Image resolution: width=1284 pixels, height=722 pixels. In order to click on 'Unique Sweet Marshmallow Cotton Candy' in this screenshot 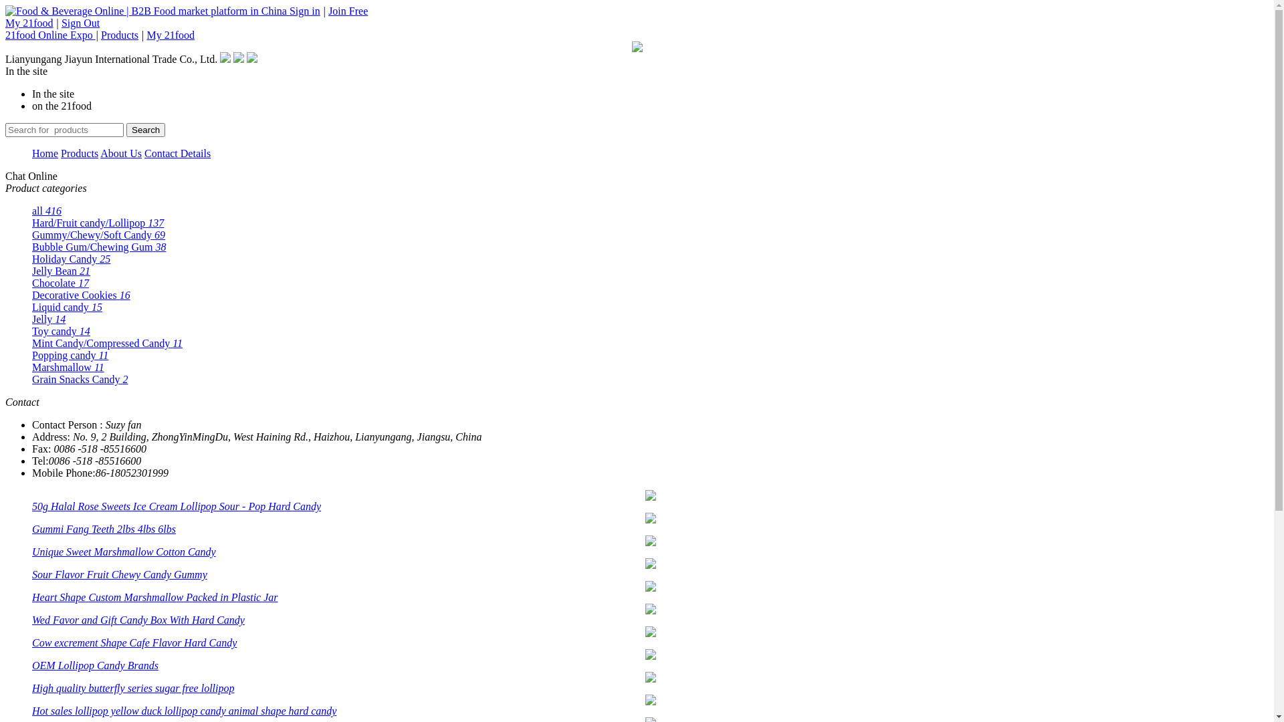, I will do `click(124, 552)`.